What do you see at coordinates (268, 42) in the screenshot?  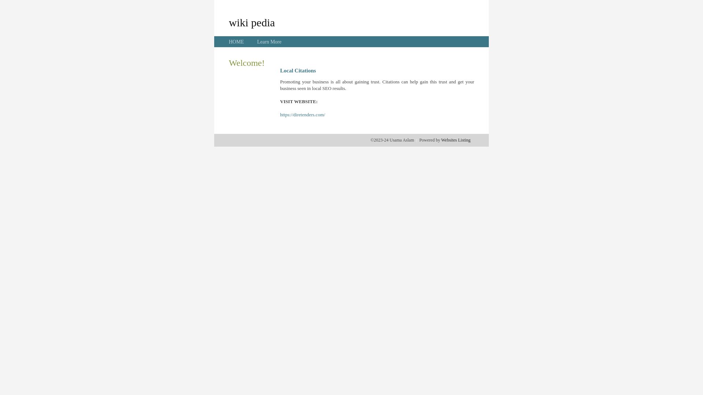 I see `'Learn More'` at bounding box center [268, 42].